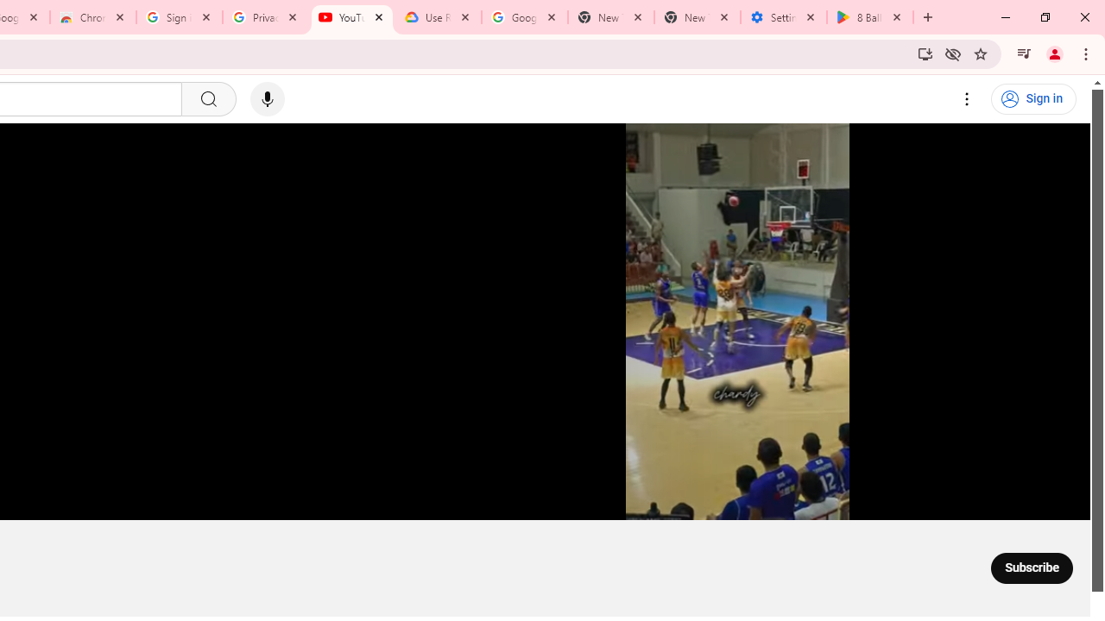 The image size is (1105, 621). What do you see at coordinates (180, 17) in the screenshot?
I see `'Sign in - Google Accounts'` at bounding box center [180, 17].